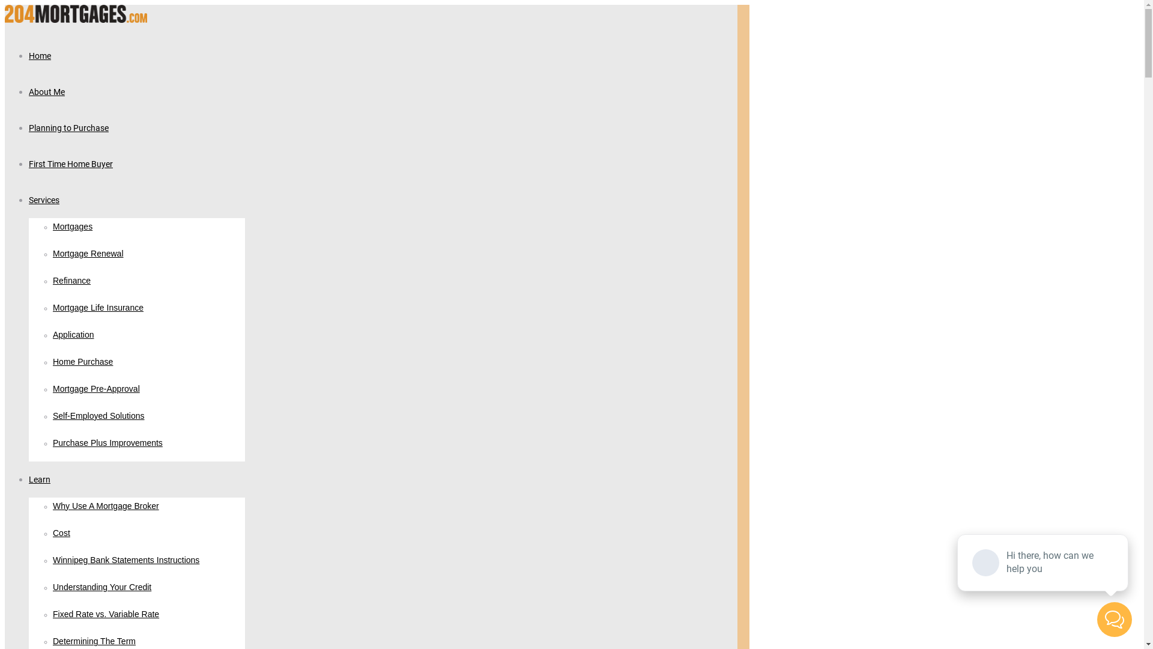 This screenshot has width=1153, height=649. What do you see at coordinates (52, 335) in the screenshot?
I see `'Application'` at bounding box center [52, 335].